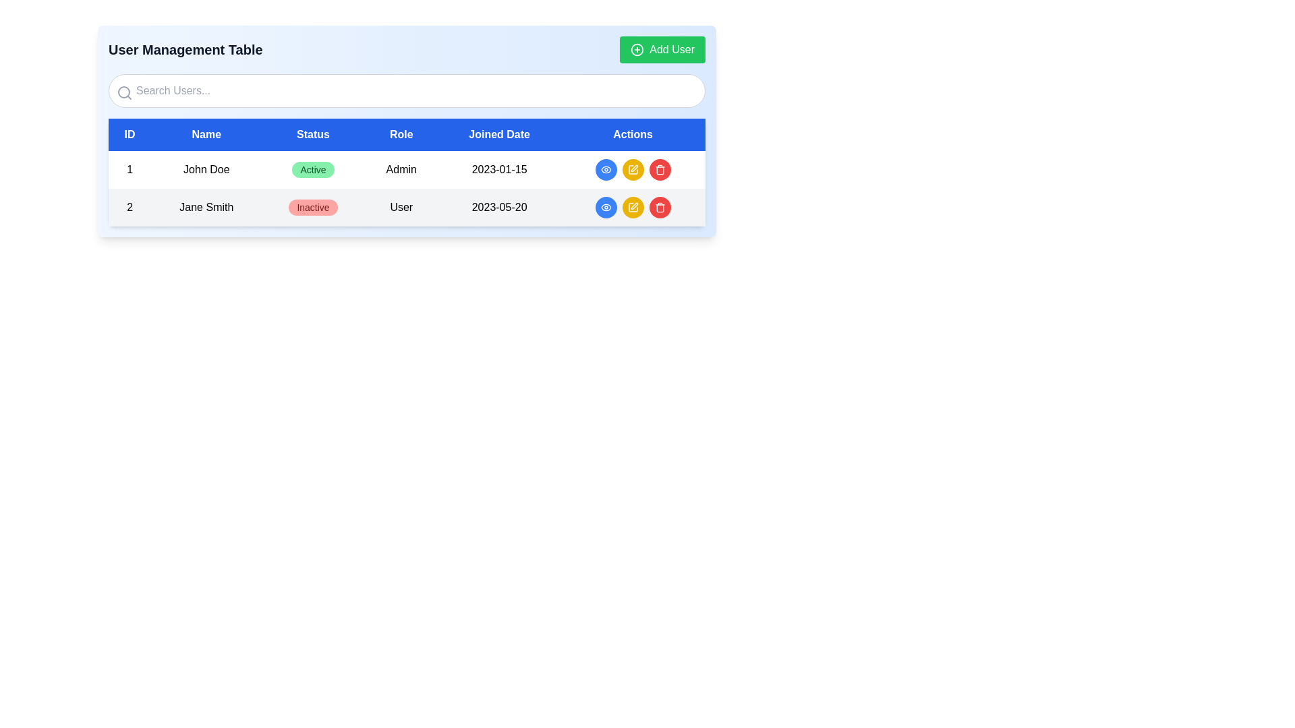 The height and width of the screenshot is (728, 1295). Describe the element at coordinates (660, 208) in the screenshot. I see `the middle section of the SVG trash can icon in the 'Actions' column for user 'Jane Smith' in the user management table` at that location.